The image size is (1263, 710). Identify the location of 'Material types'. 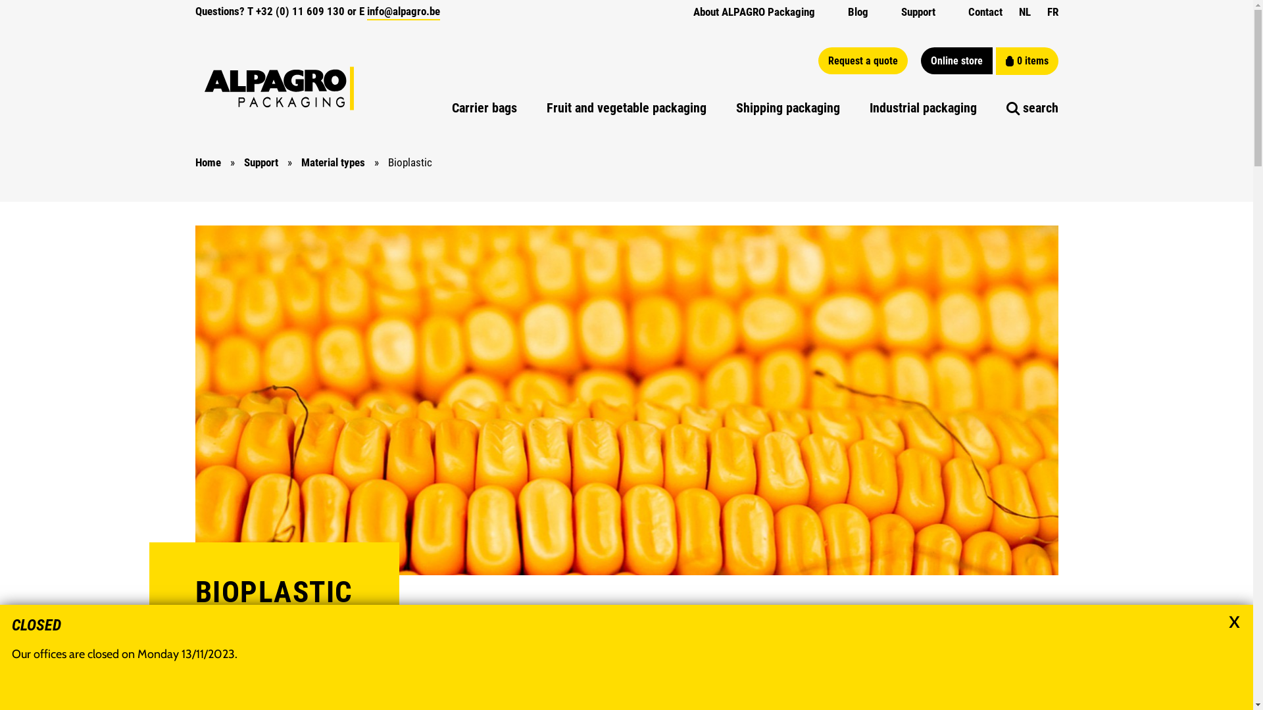
(300, 161).